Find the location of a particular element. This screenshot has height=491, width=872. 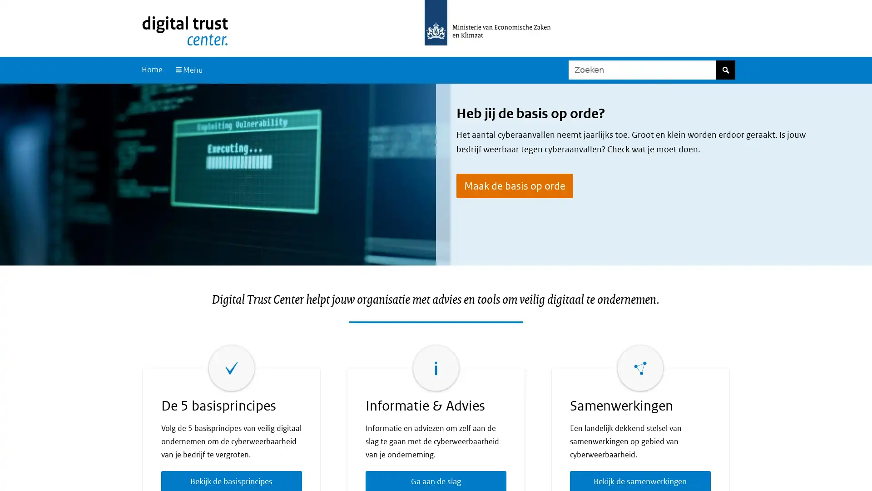

Toggle navigation is located at coordinates (188, 70).